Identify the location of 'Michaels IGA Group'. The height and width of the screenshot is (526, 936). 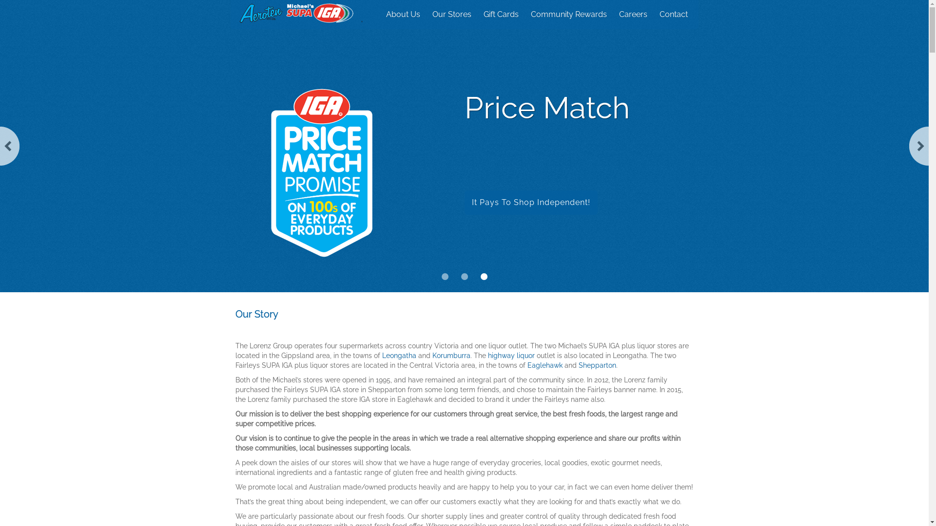
(297, 13).